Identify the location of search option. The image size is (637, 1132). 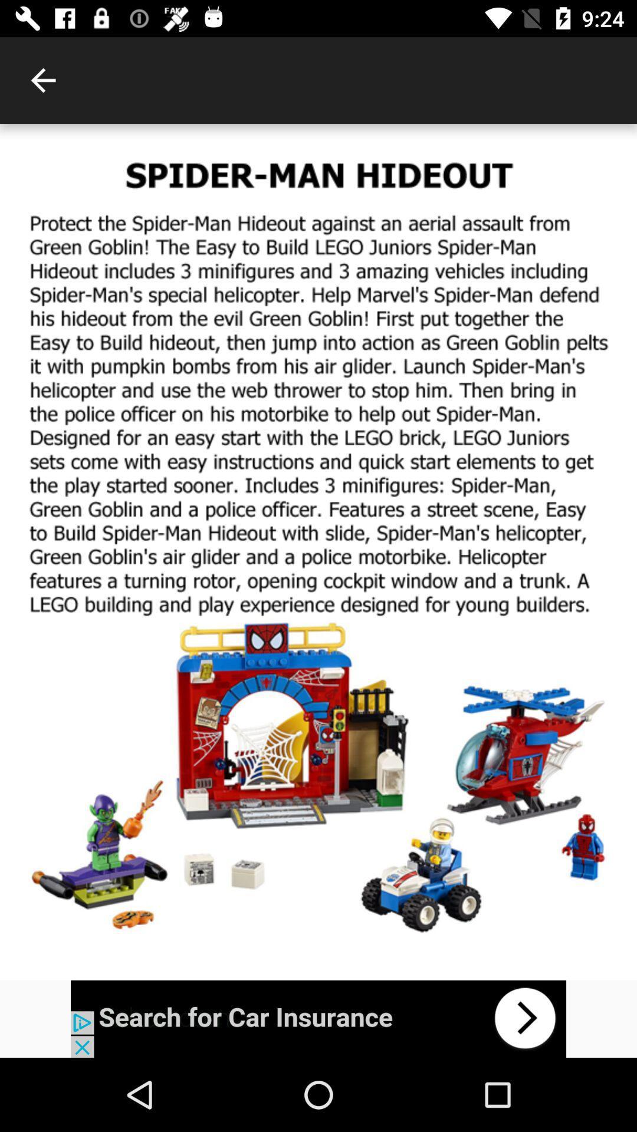
(318, 1018).